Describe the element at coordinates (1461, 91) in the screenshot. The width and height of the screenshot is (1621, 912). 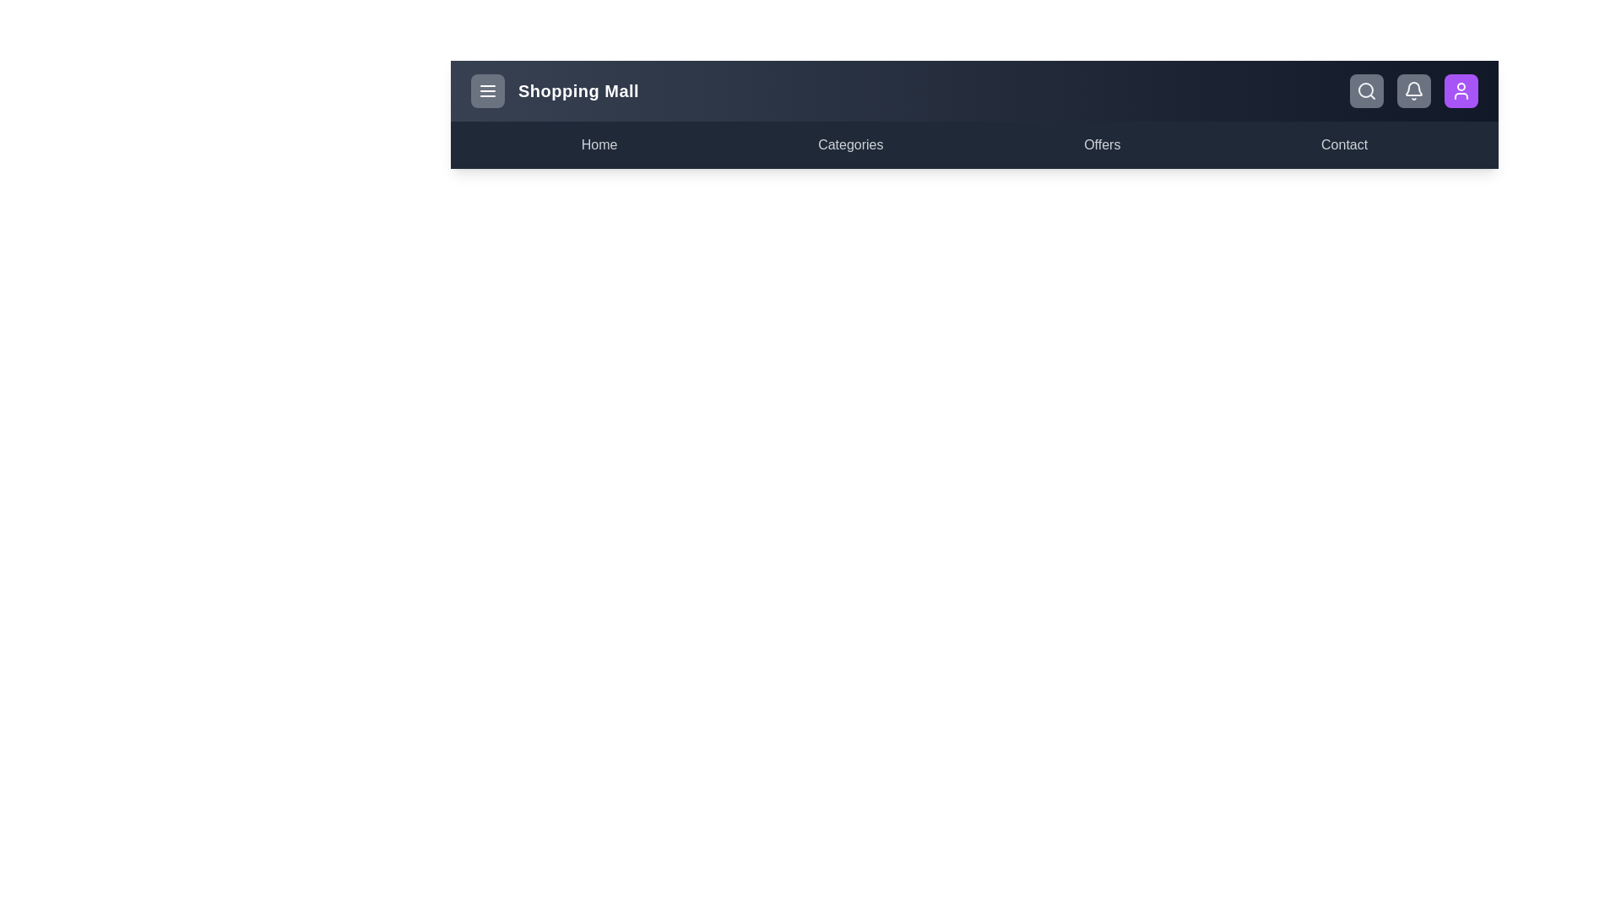
I see `the user profile button` at that location.